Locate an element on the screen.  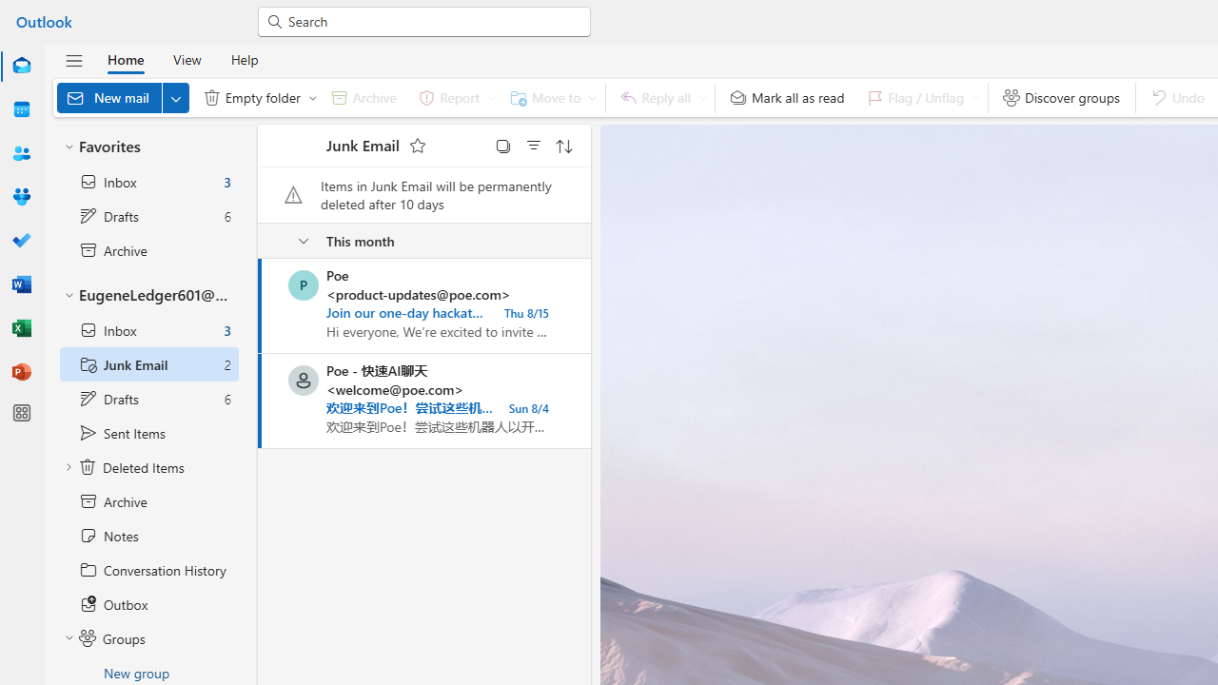
'System' is located at coordinates (10, 10).